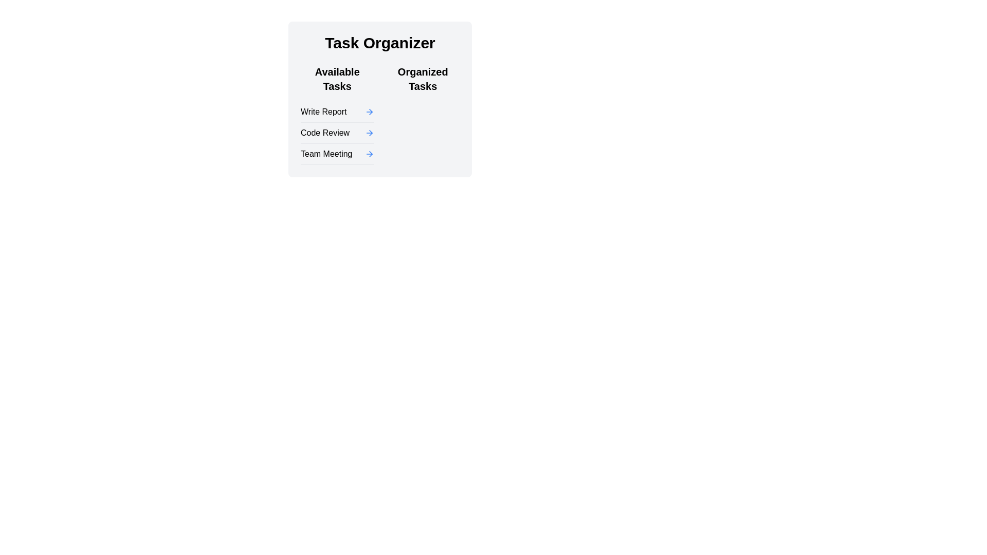  What do you see at coordinates (369, 132) in the screenshot?
I see `the rightward-pointing blue arrow icon located to the right of the 'Code Review' text in the 'Available Tasks' section` at bounding box center [369, 132].